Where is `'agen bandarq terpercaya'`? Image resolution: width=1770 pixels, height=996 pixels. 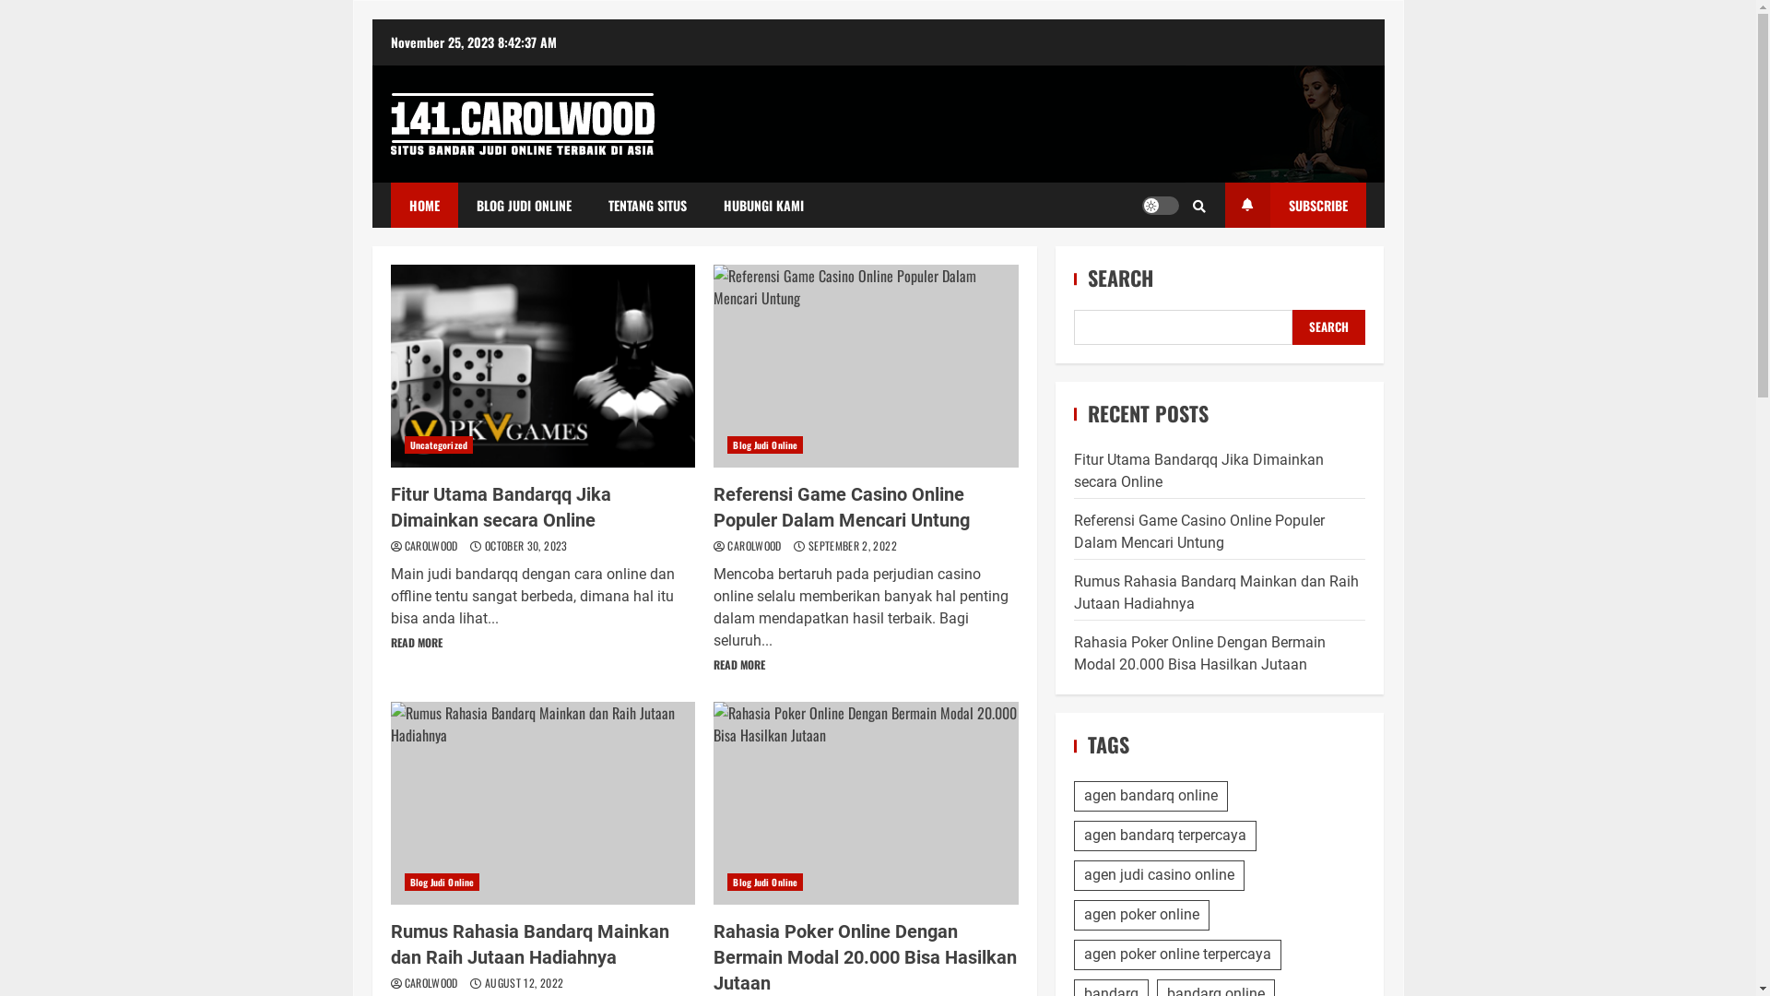
'agen bandarq terpercaya' is located at coordinates (1163, 836).